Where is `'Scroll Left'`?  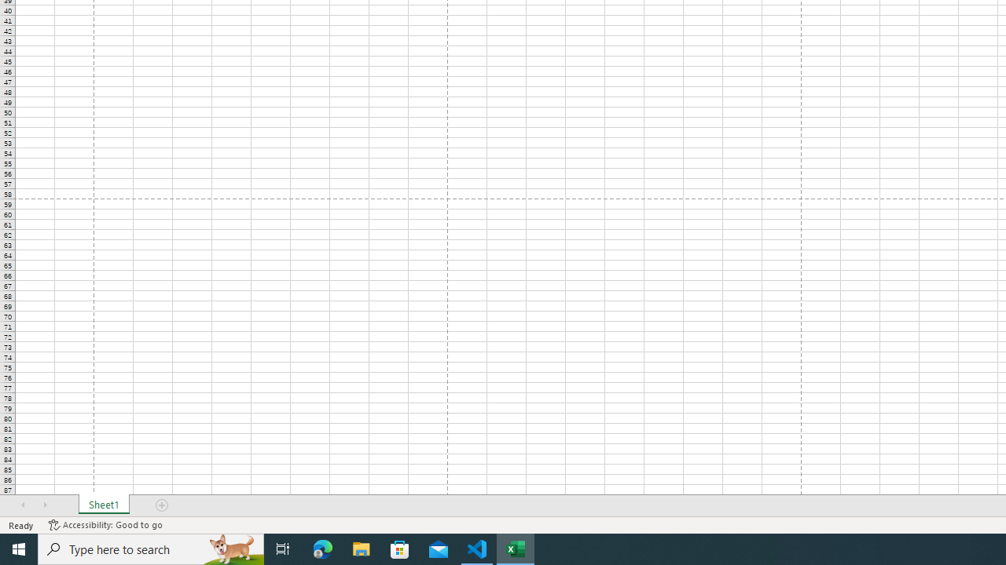
'Scroll Left' is located at coordinates (23, 505).